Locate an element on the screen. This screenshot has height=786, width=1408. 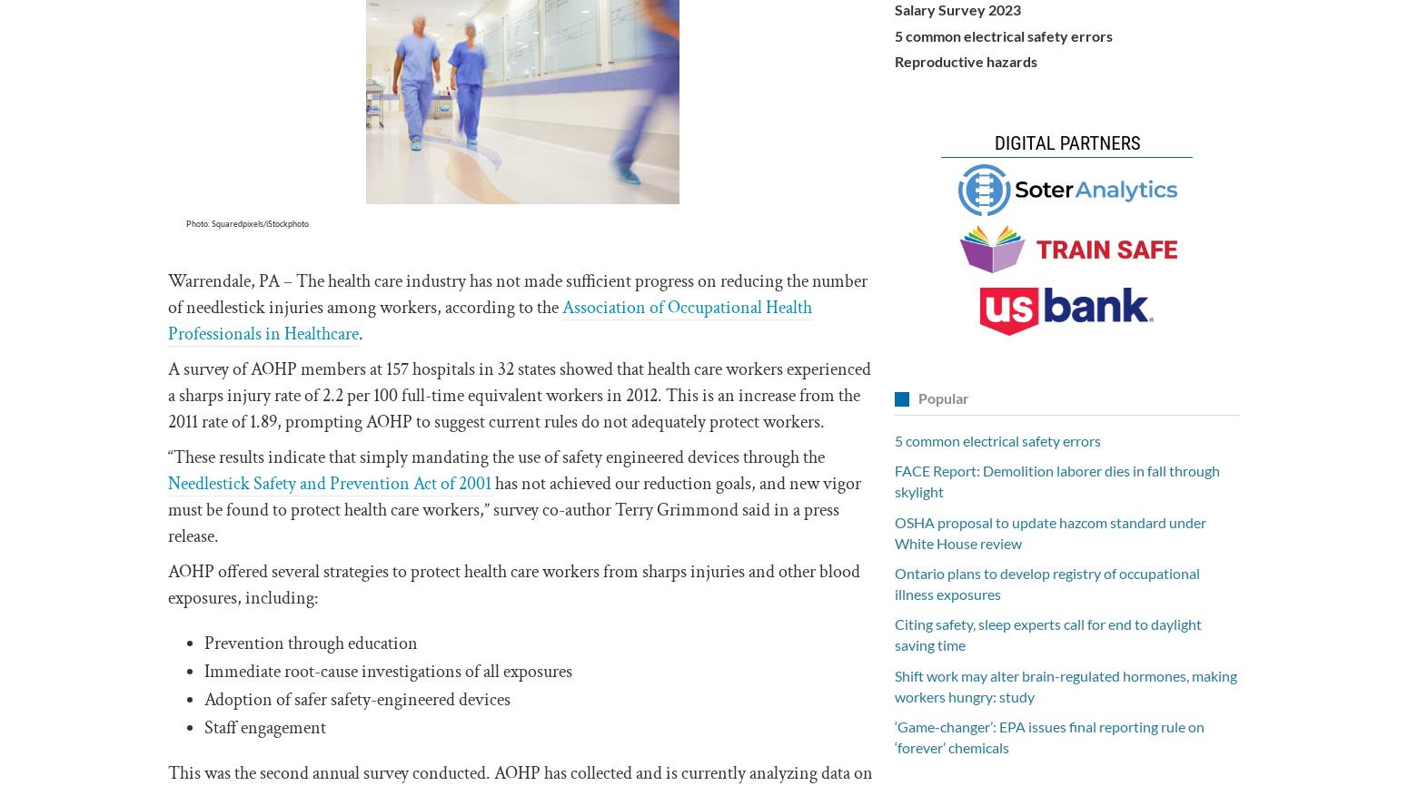
'Adoption of safer safety-engineered devices' is located at coordinates (357, 697).